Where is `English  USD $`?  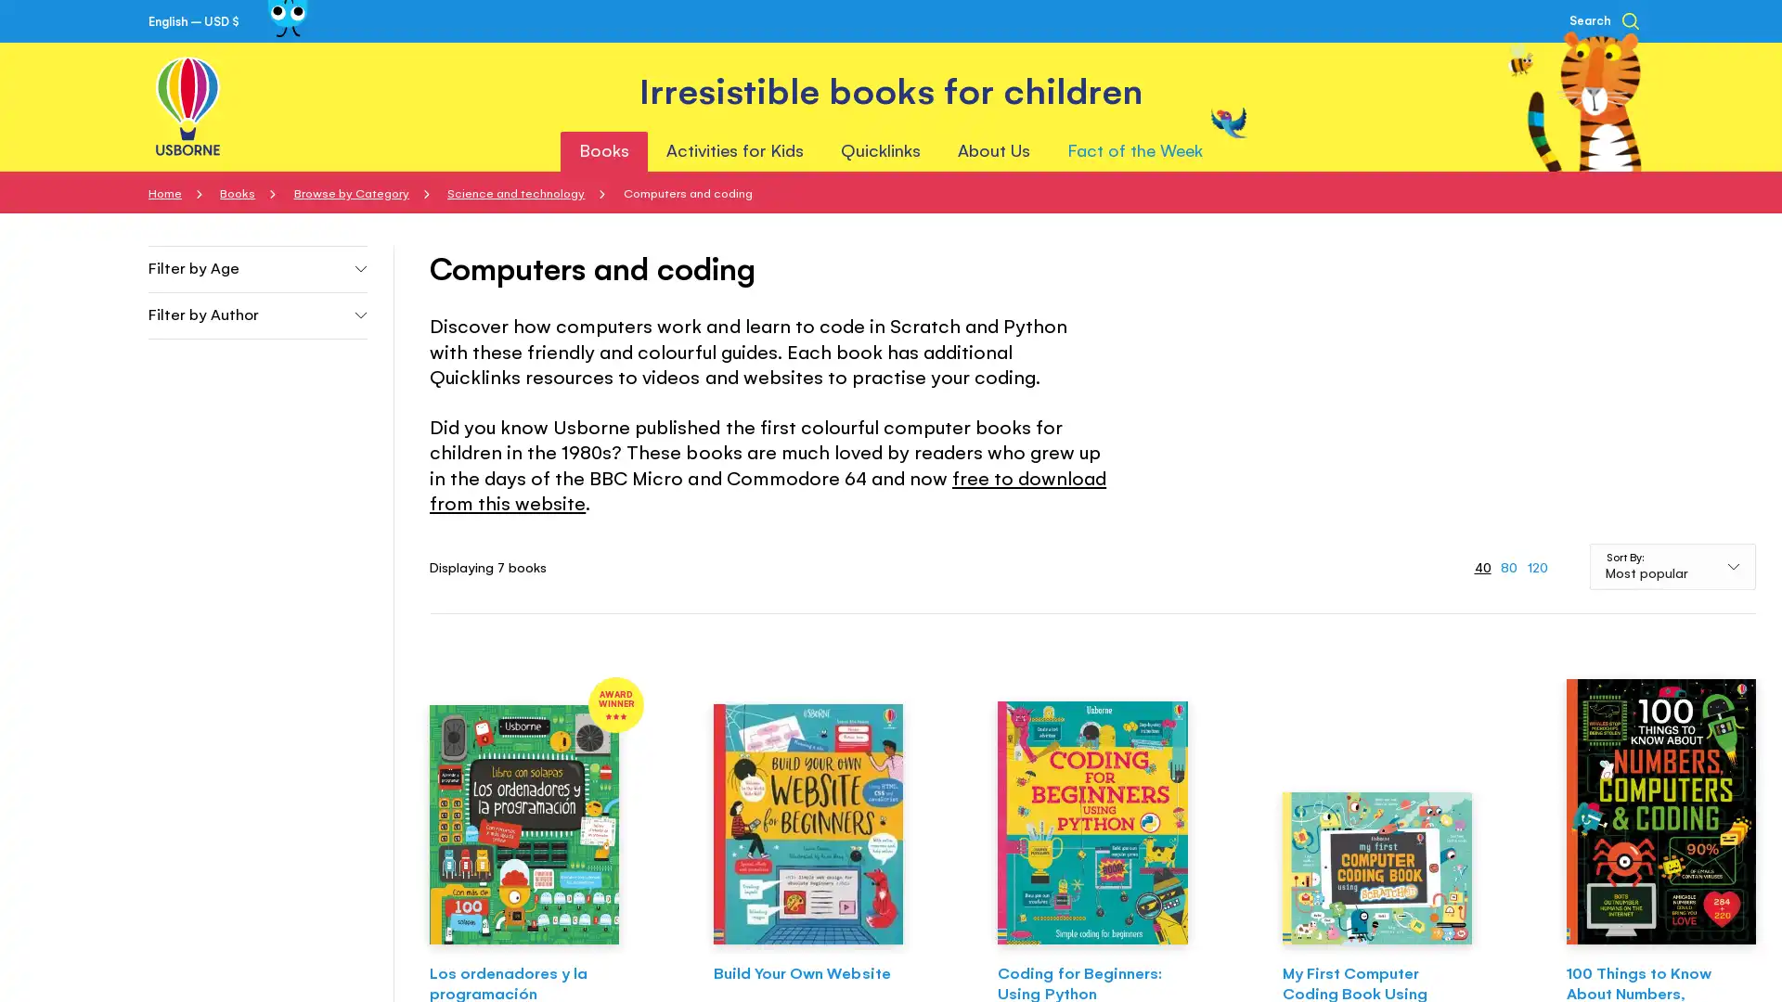
English  USD $ is located at coordinates (194, 19).